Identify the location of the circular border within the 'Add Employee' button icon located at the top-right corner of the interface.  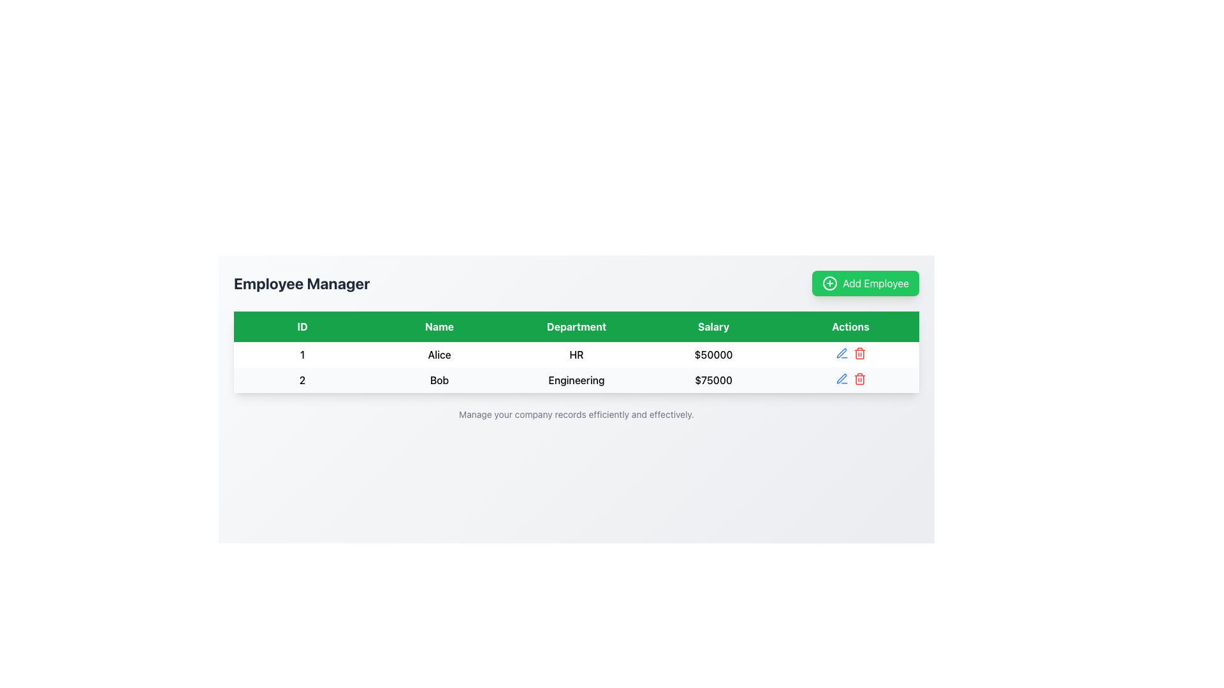
(830, 282).